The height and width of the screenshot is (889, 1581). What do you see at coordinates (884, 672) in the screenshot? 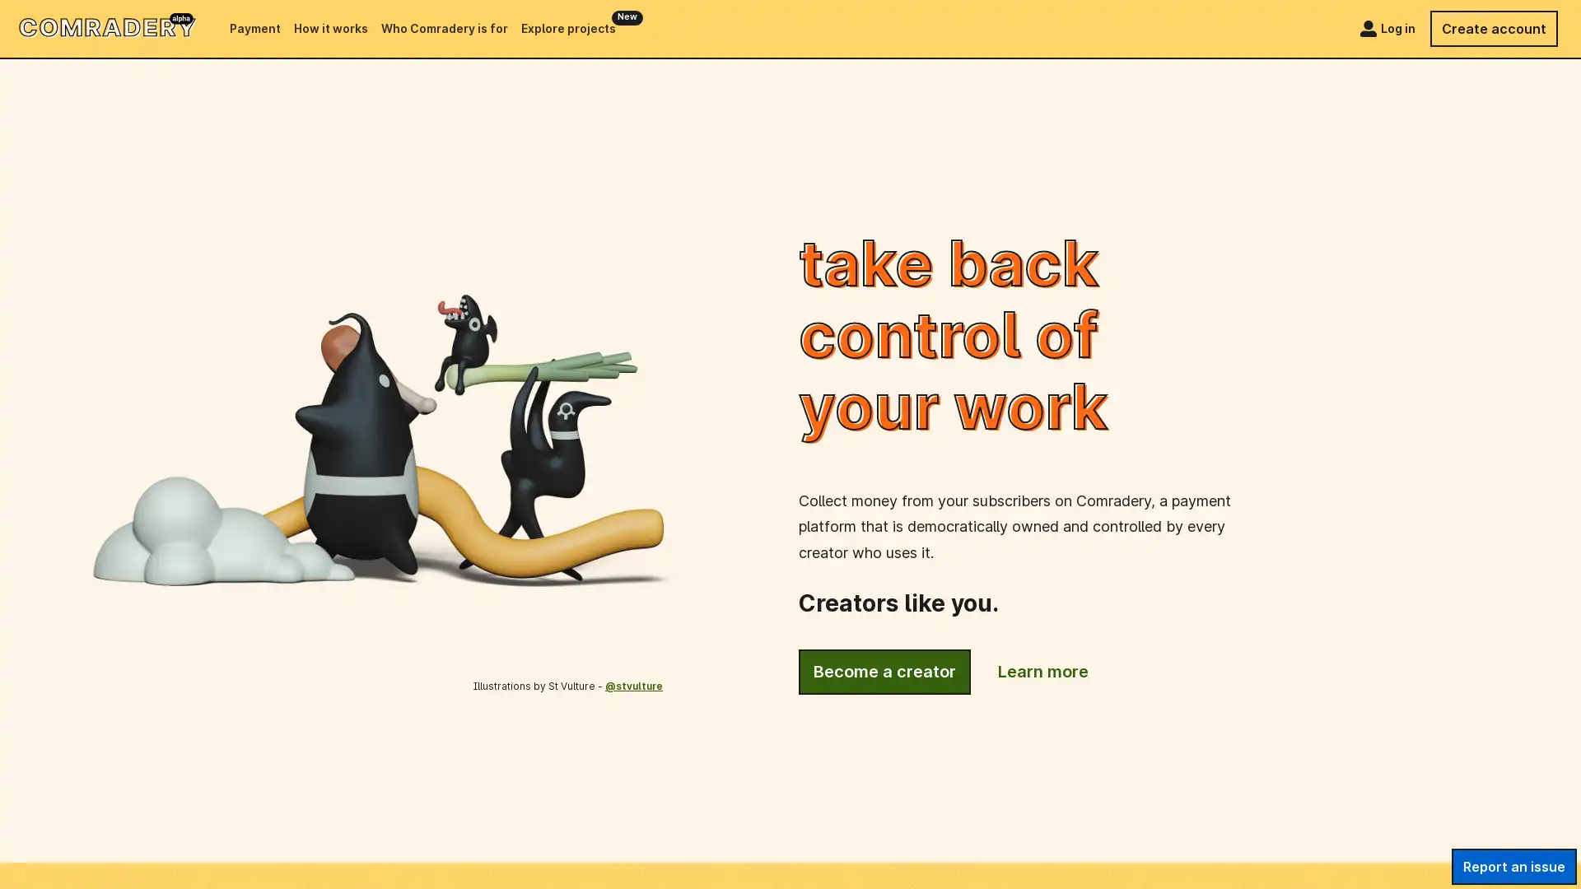
I see `Become a creator` at bounding box center [884, 672].